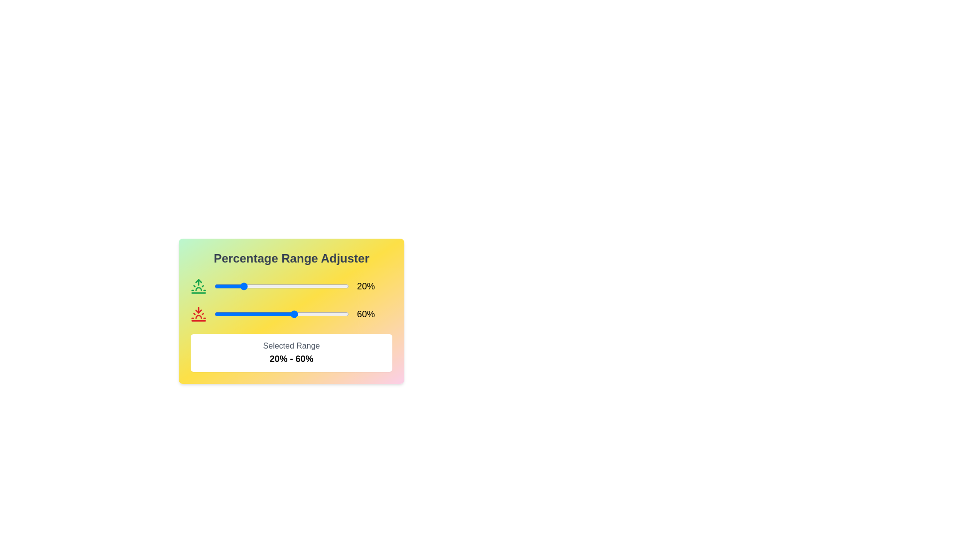 Image resolution: width=956 pixels, height=537 pixels. I want to click on the slider, so click(348, 286).